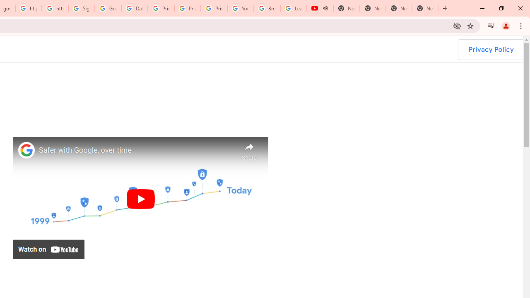 The height and width of the screenshot is (298, 530). Describe the element at coordinates (55, 8) in the screenshot. I see `'https://scholar.google.com/'` at that location.